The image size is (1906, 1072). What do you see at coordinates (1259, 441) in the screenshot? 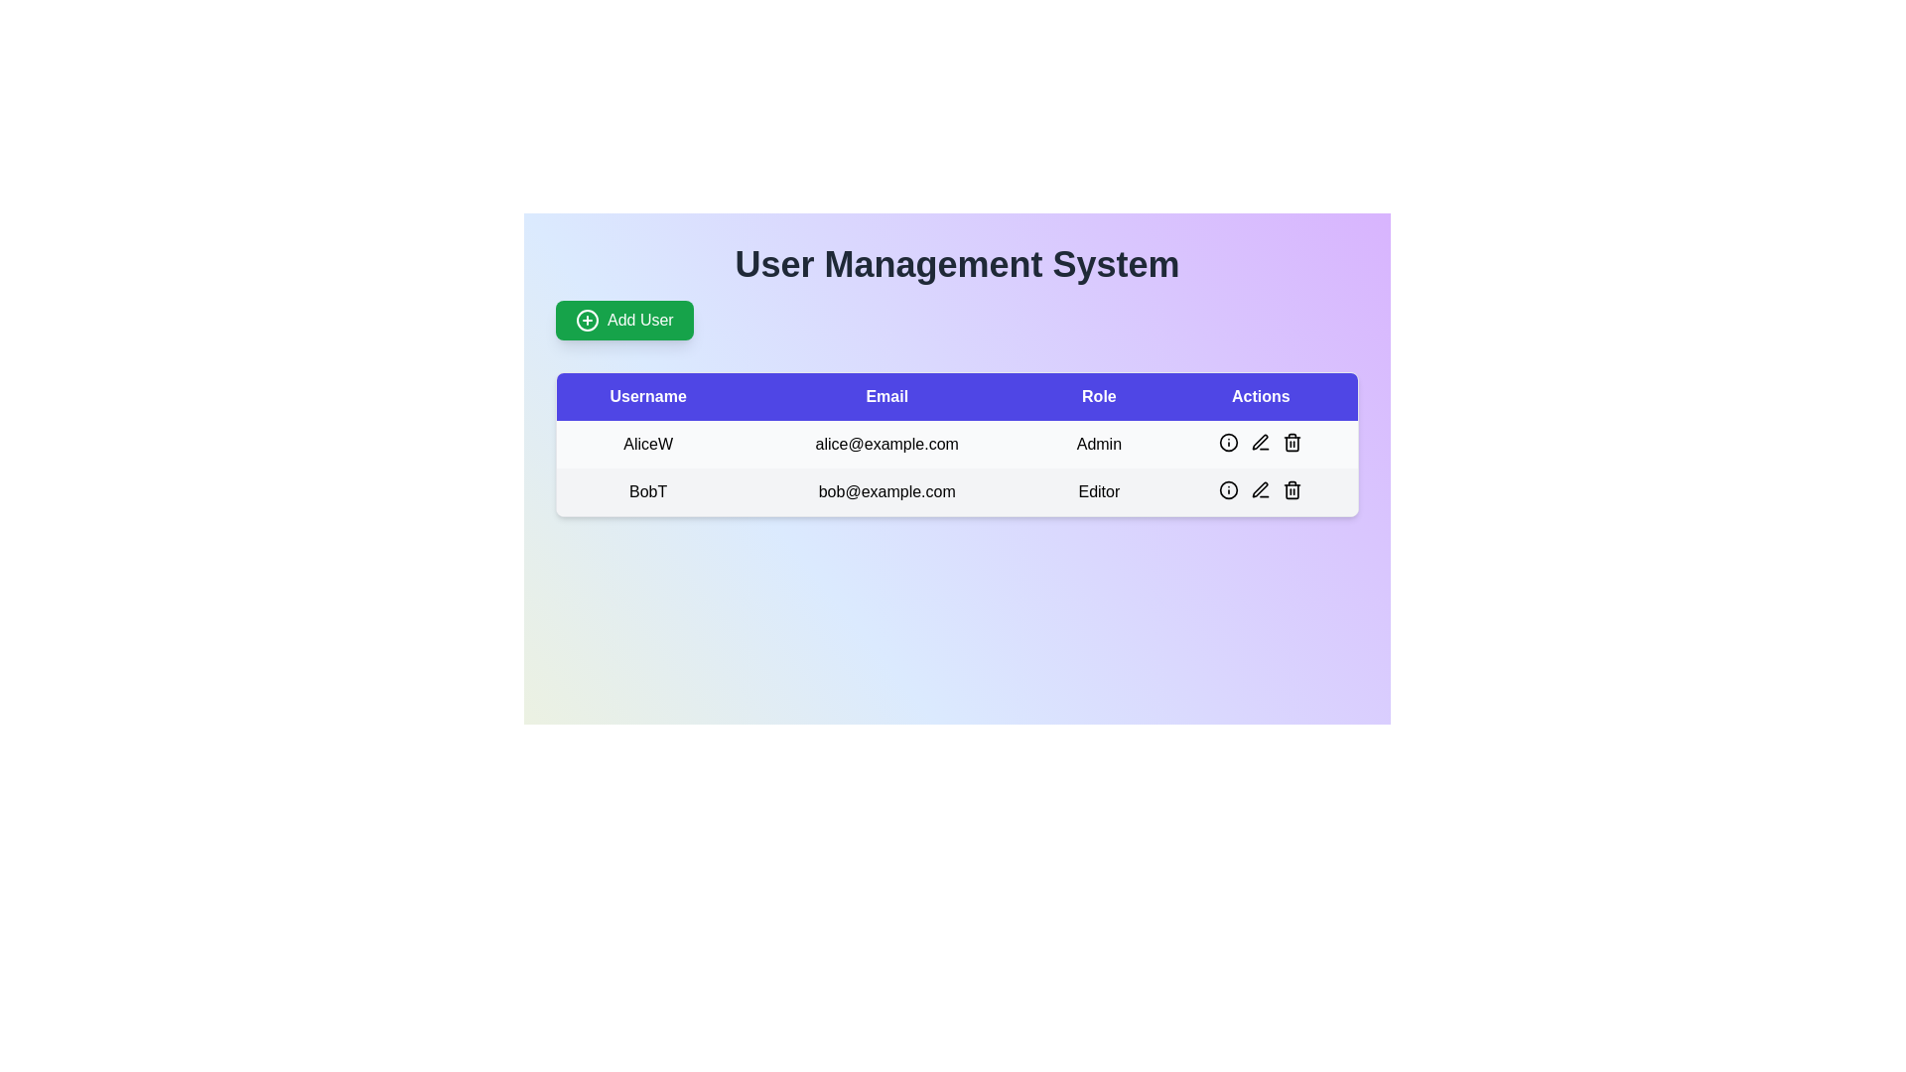
I see `the edit icon button located under the 'Actions' column in the second row associated with the user 'BobT'` at bounding box center [1259, 441].